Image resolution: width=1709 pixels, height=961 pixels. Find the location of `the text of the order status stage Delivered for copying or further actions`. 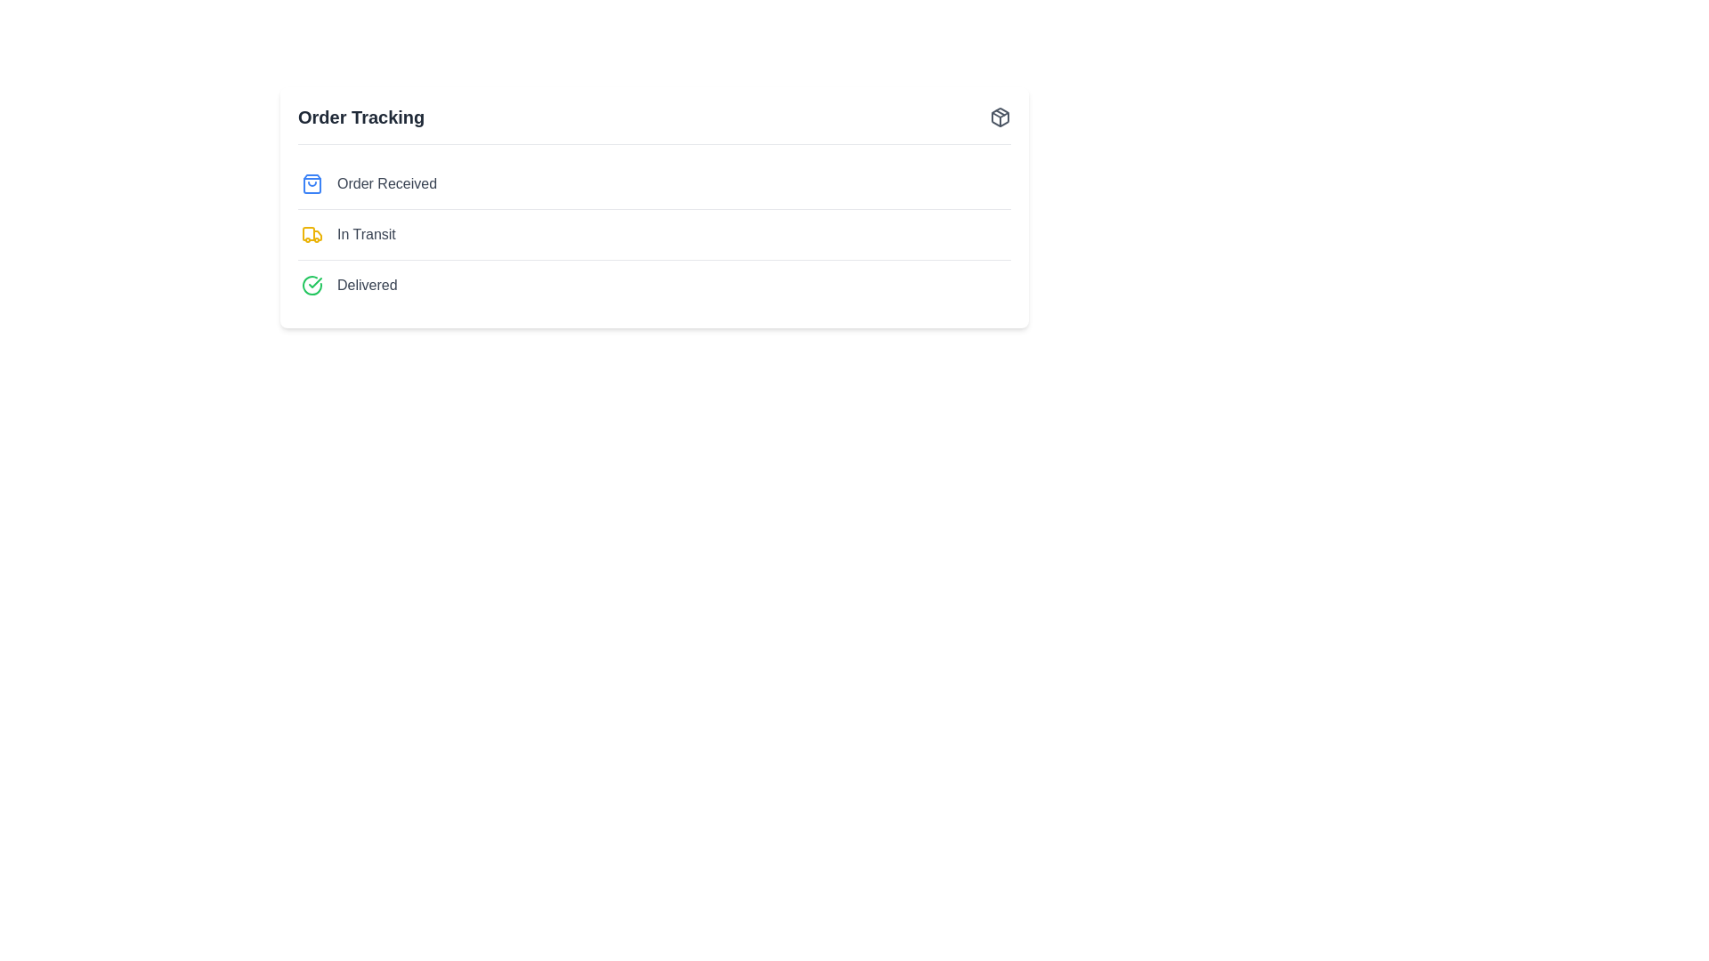

the text of the order status stage Delivered for copying or further actions is located at coordinates (366, 284).